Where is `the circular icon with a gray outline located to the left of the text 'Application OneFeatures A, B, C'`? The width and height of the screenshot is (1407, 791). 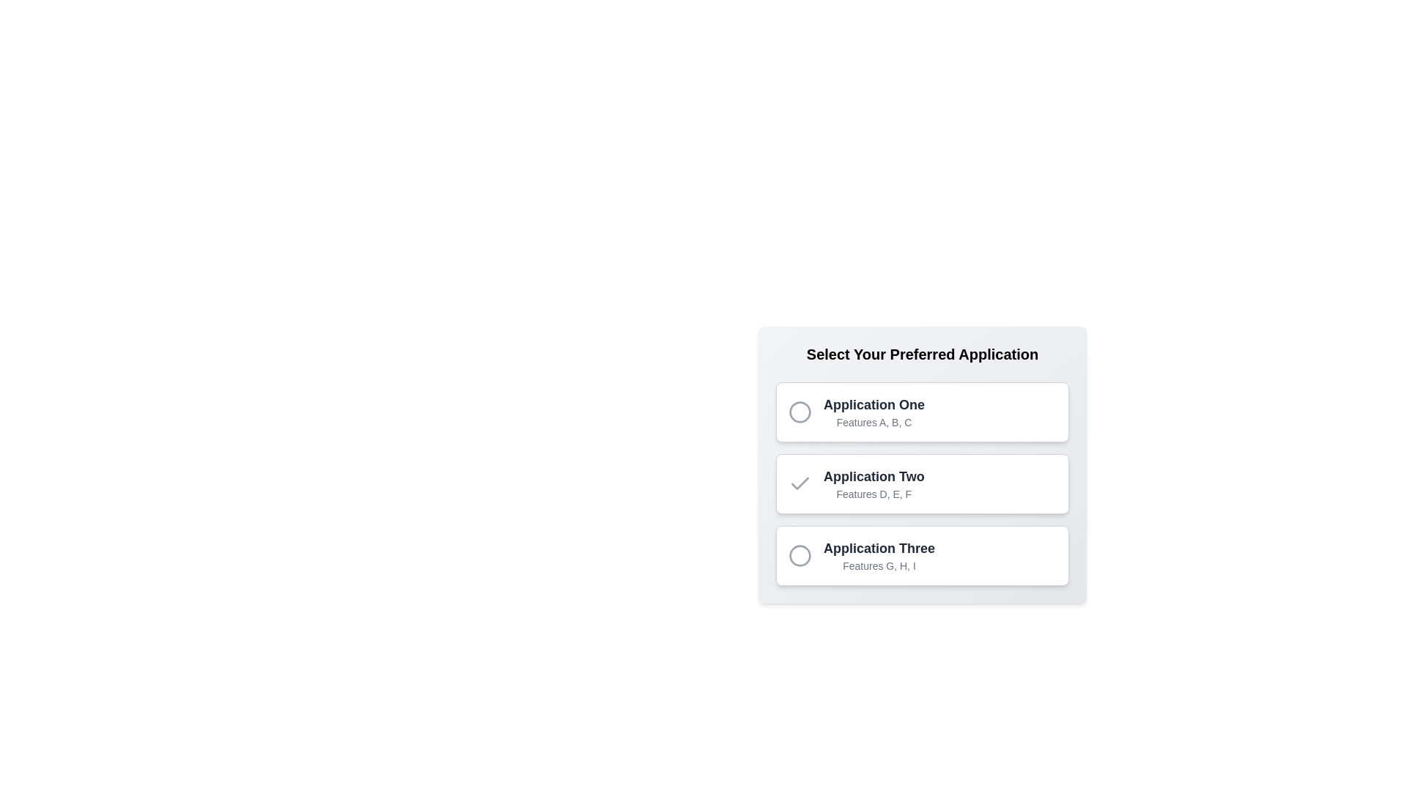
the circular icon with a gray outline located to the left of the text 'Application OneFeatures A, B, C' is located at coordinates (799, 412).